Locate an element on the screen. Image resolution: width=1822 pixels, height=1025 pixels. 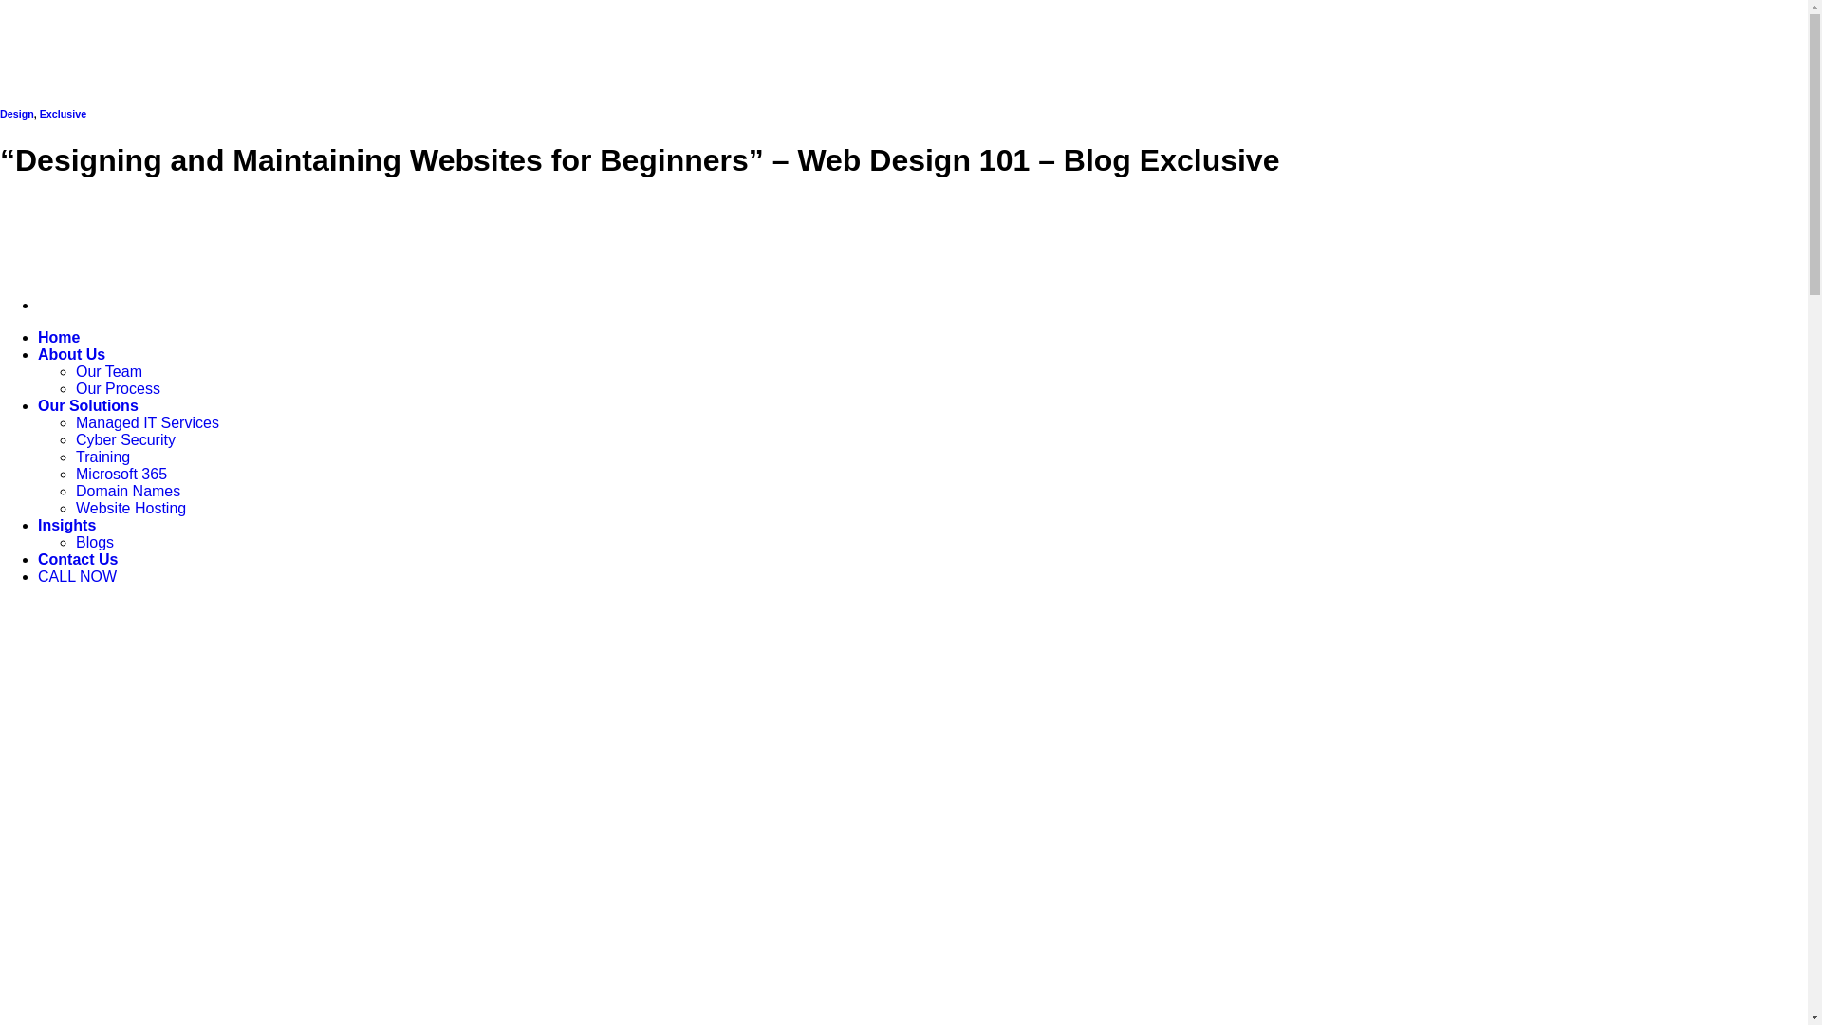
'Blogs' is located at coordinates (76, 542).